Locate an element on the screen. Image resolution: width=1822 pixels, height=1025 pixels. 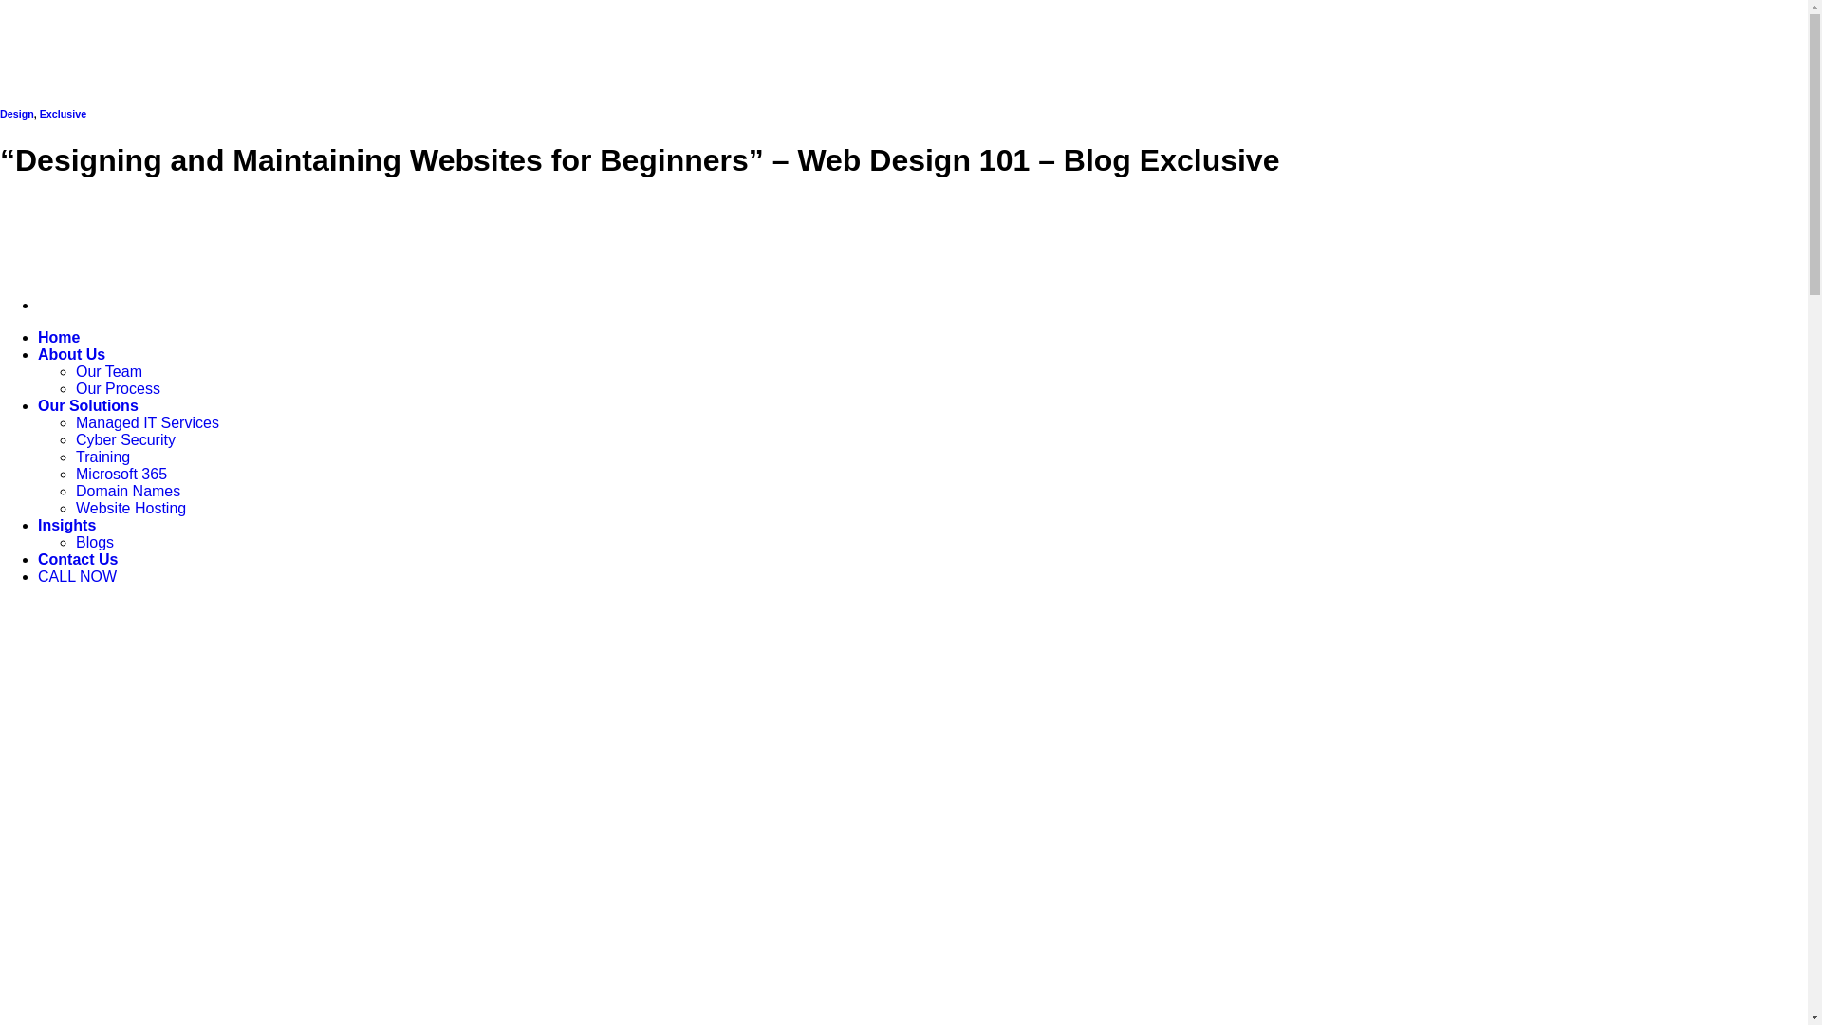
'Blogs' is located at coordinates (76, 542).